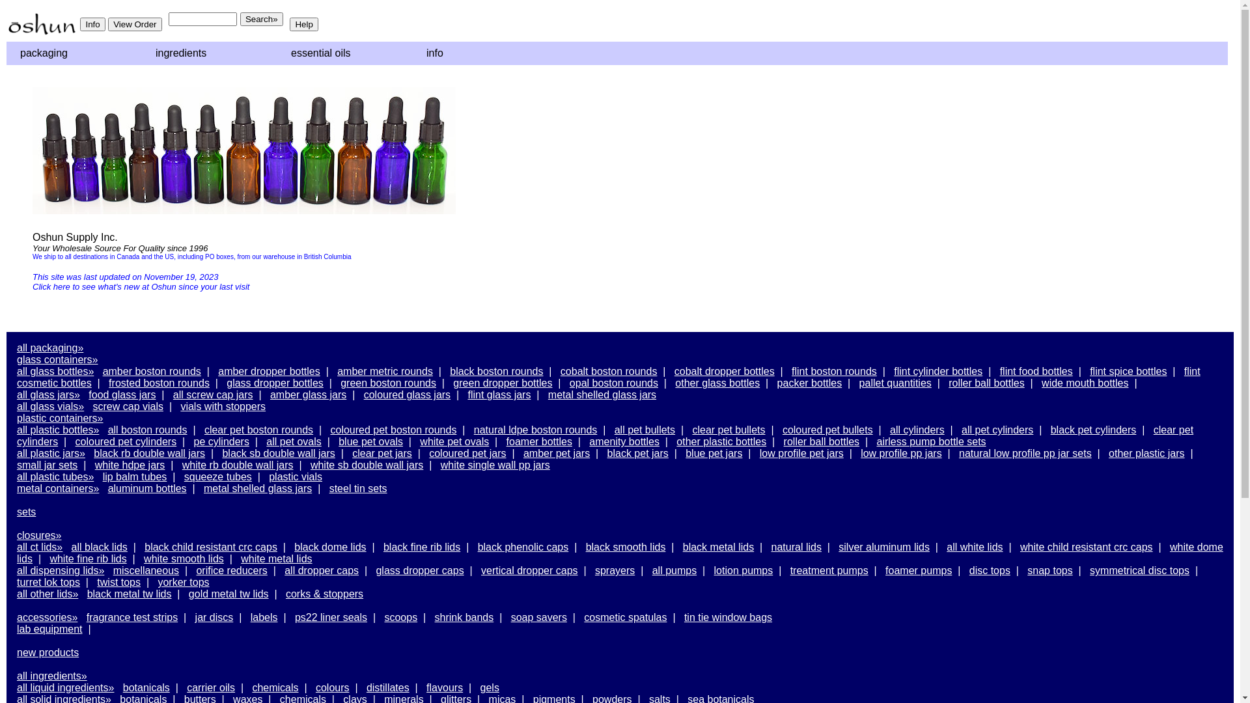 This screenshot has width=1250, height=703. I want to click on 'black sb double wall jars', so click(221, 452).